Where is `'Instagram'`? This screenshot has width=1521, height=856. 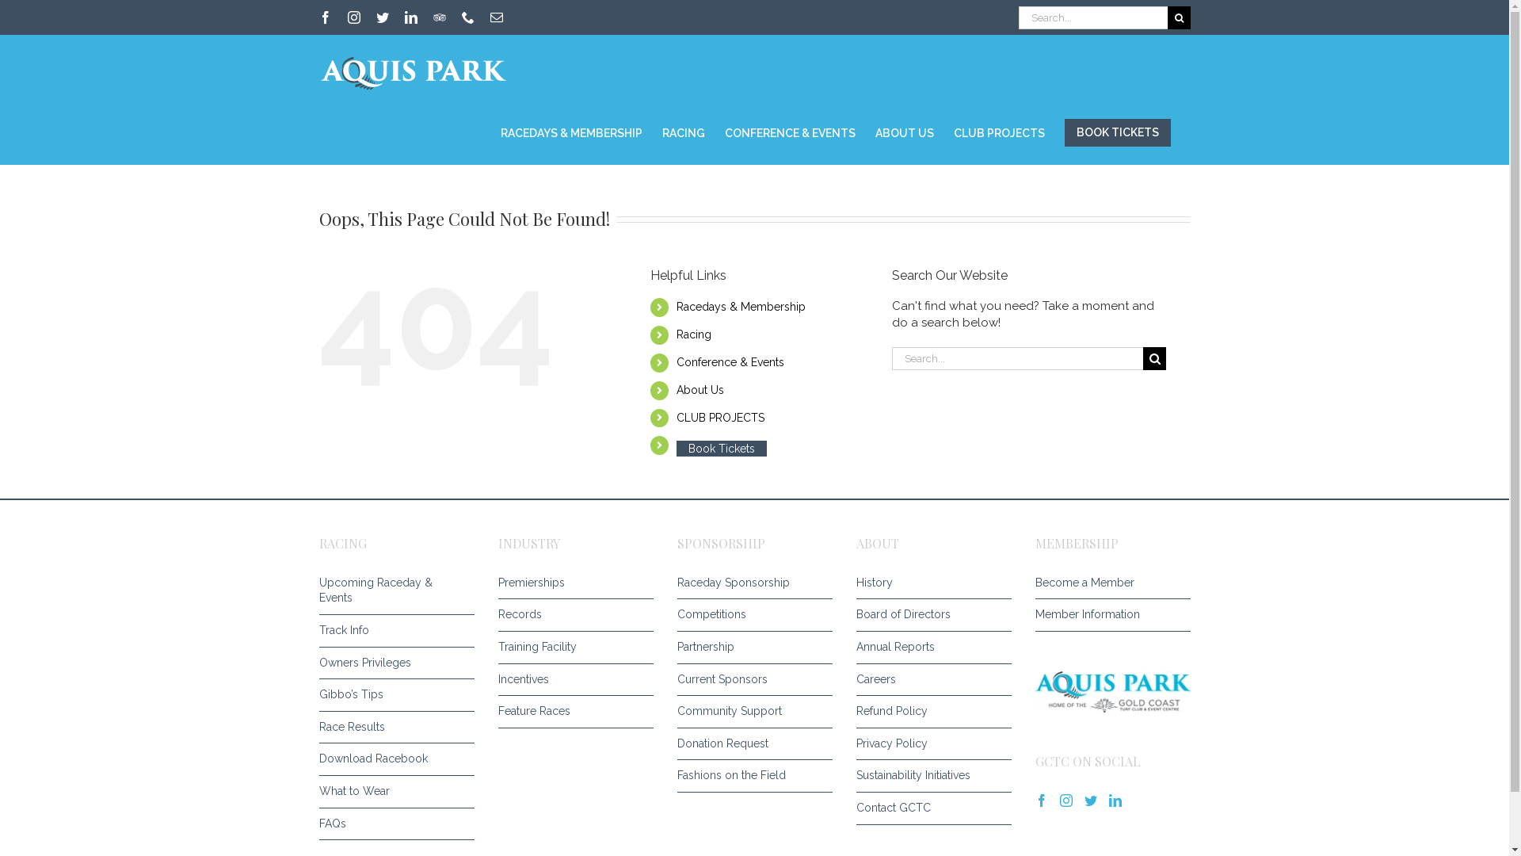 'Instagram' is located at coordinates (353, 17).